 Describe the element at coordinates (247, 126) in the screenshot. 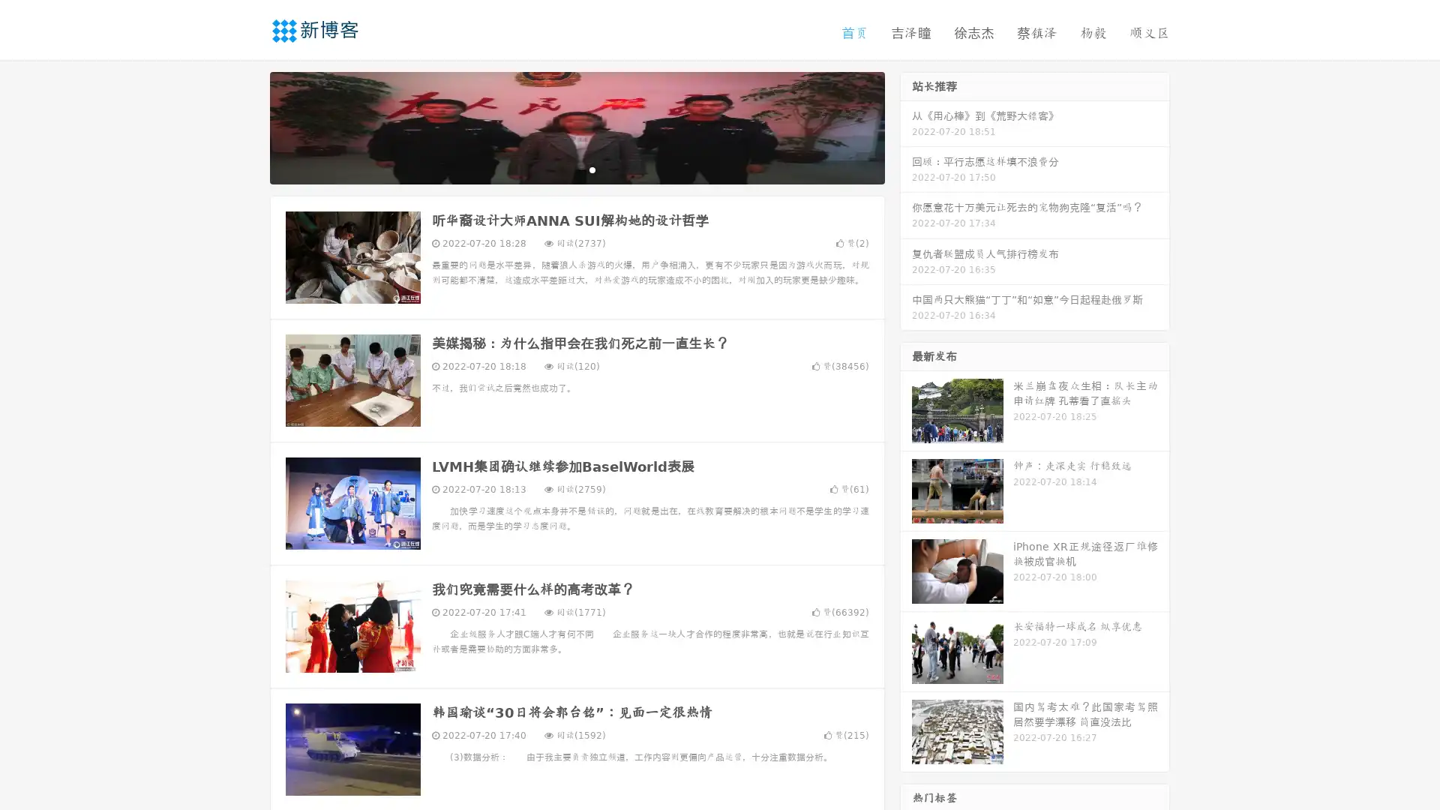

I see `Previous slide` at that location.